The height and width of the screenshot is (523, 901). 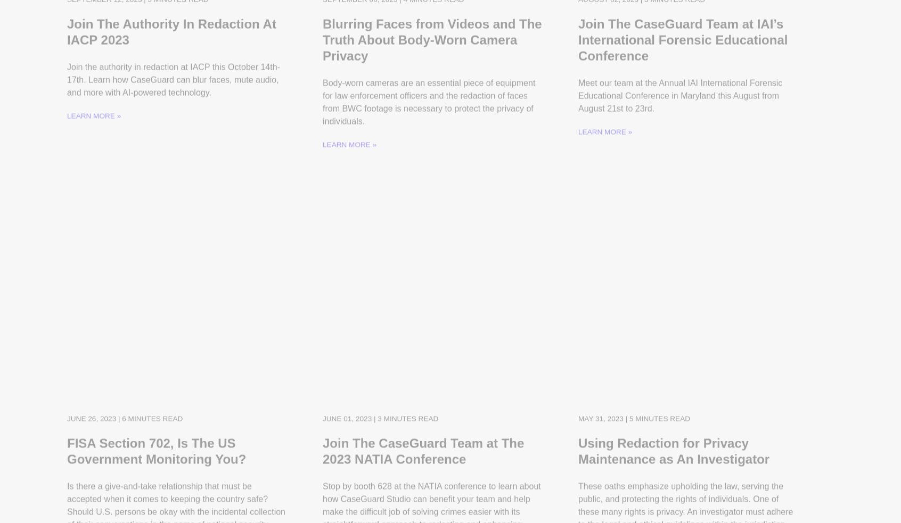 What do you see at coordinates (674, 441) in the screenshot?
I see `'Using Redaction for Privacy Maintenance as An Investigator'` at bounding box center [674, 441].